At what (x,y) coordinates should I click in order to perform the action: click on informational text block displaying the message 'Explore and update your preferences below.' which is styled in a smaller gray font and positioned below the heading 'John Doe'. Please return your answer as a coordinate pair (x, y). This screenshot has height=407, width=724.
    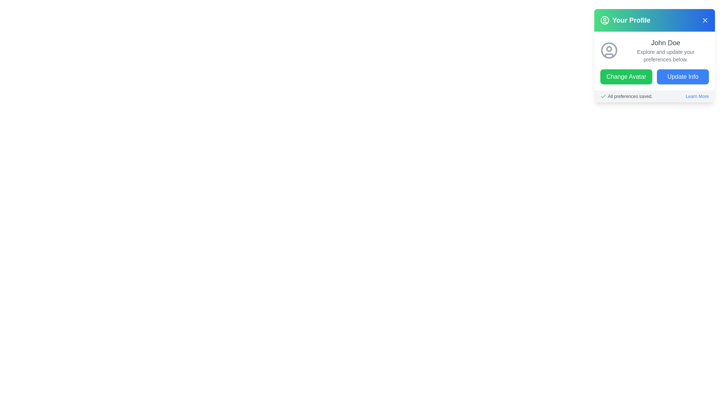
    Looking at the image, I should click on (666, 55).